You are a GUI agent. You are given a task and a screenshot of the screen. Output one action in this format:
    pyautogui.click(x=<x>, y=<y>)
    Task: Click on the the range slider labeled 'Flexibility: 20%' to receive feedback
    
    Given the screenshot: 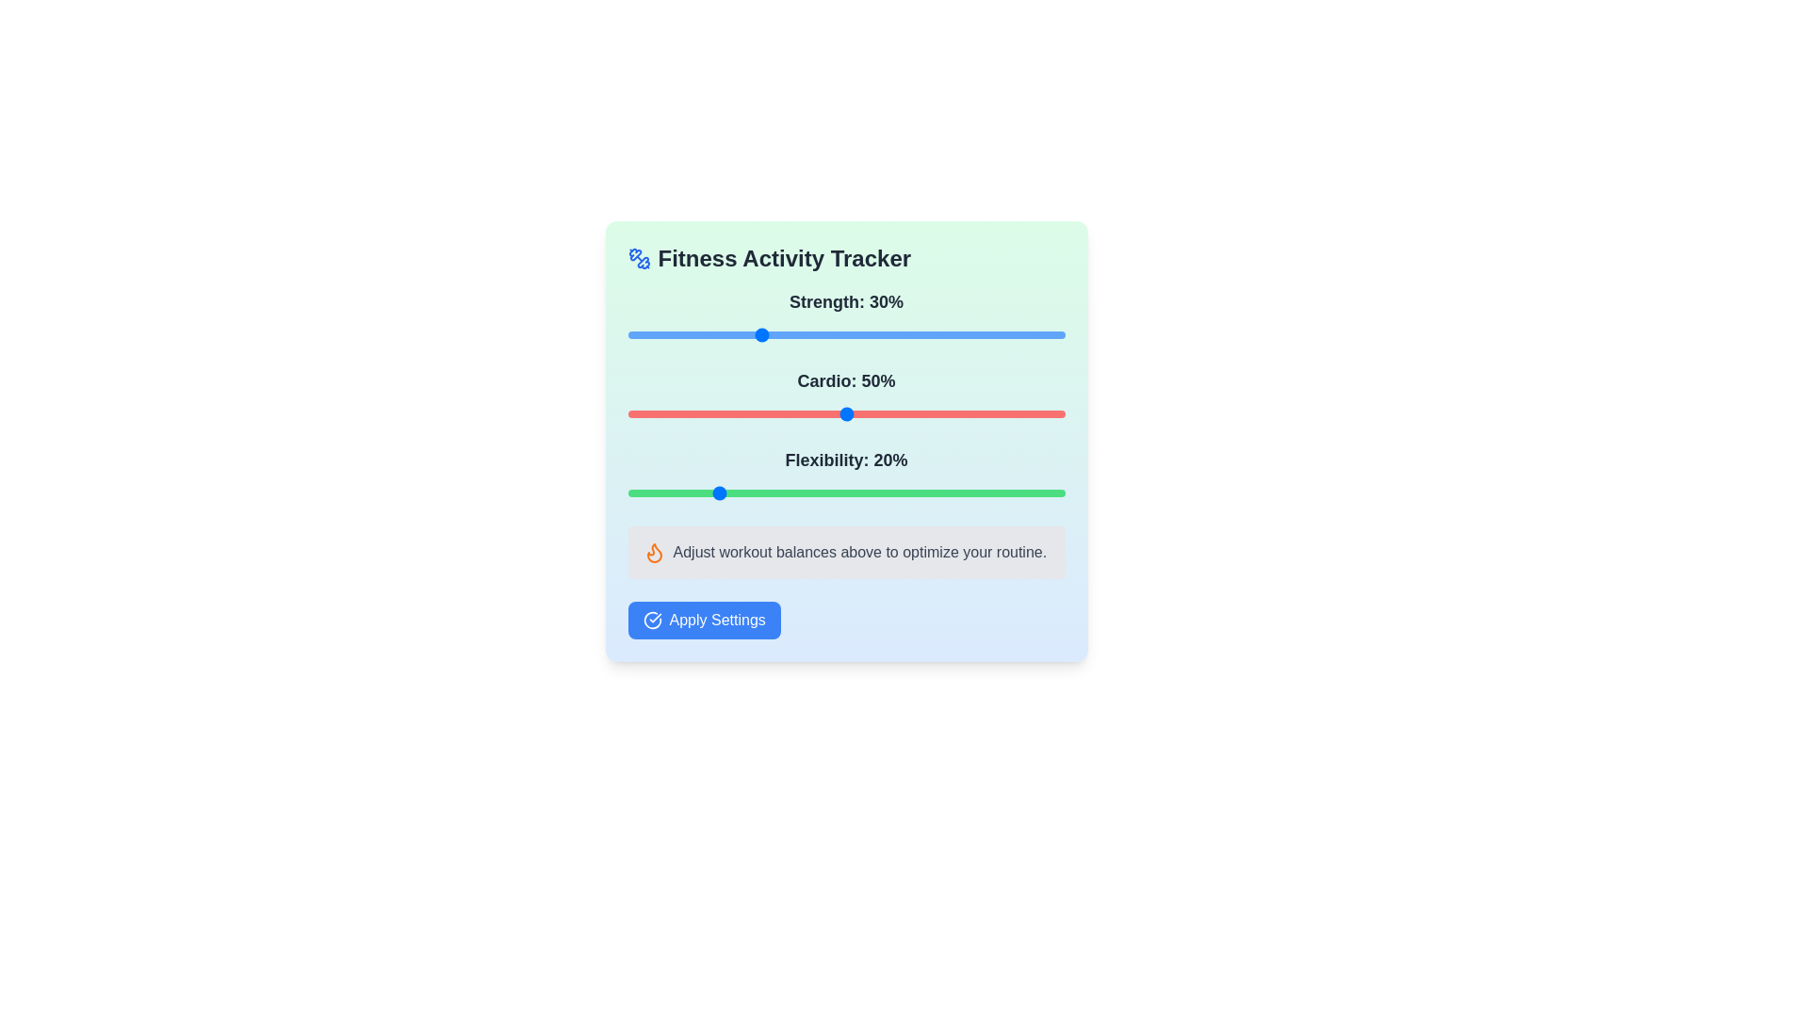 What is the action you would take?
    pyautogui.click(x=845, y=475)
    